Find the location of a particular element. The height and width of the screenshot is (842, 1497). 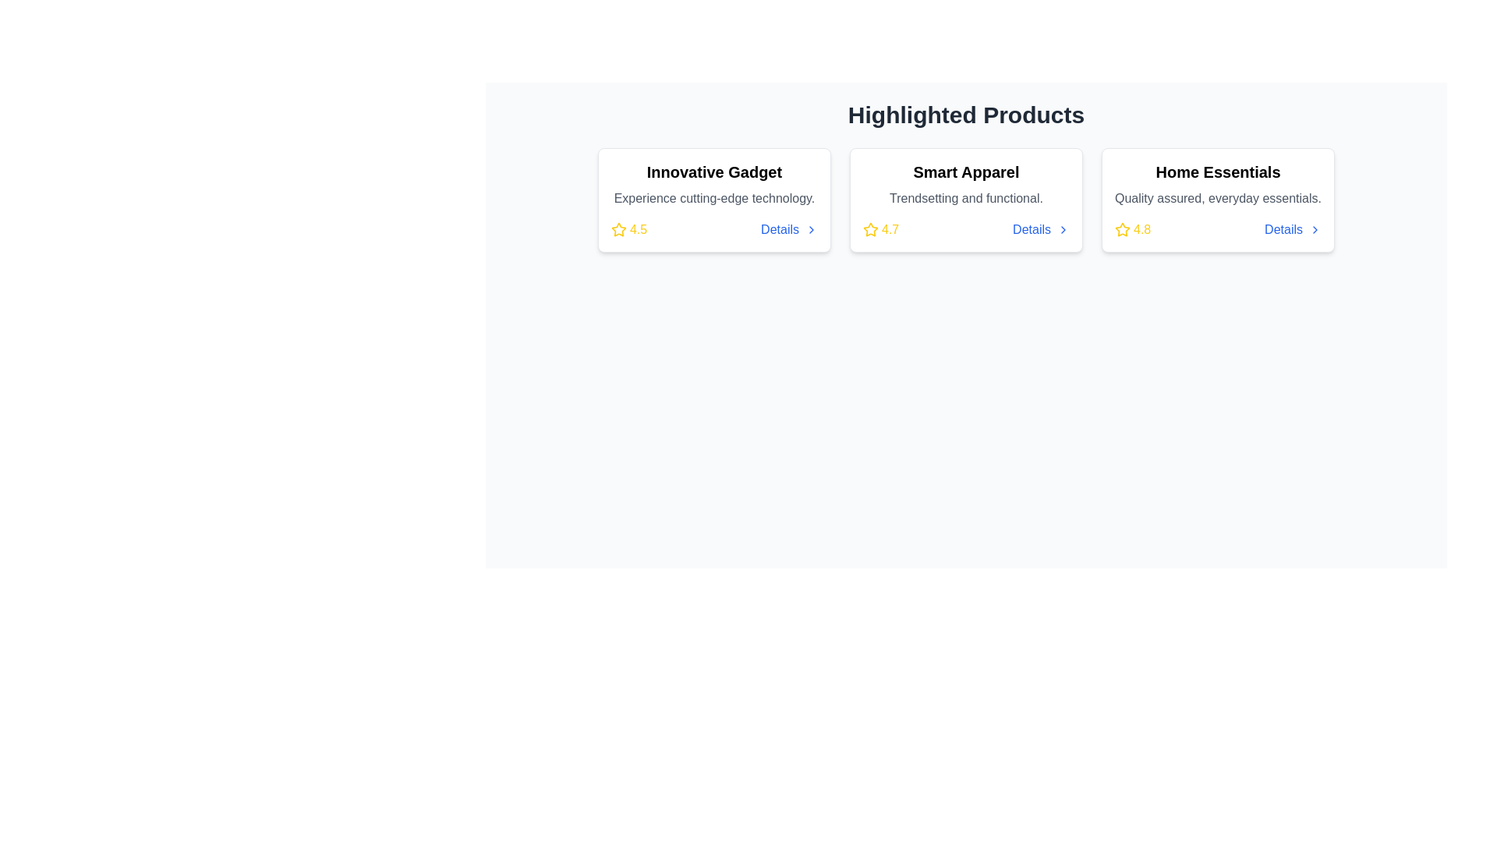

the hyperlink that navigates to further details about the 'Home Essentials' item, located at the bottom right area of the card, to observe the style change is located at coordinates (1283, 229).